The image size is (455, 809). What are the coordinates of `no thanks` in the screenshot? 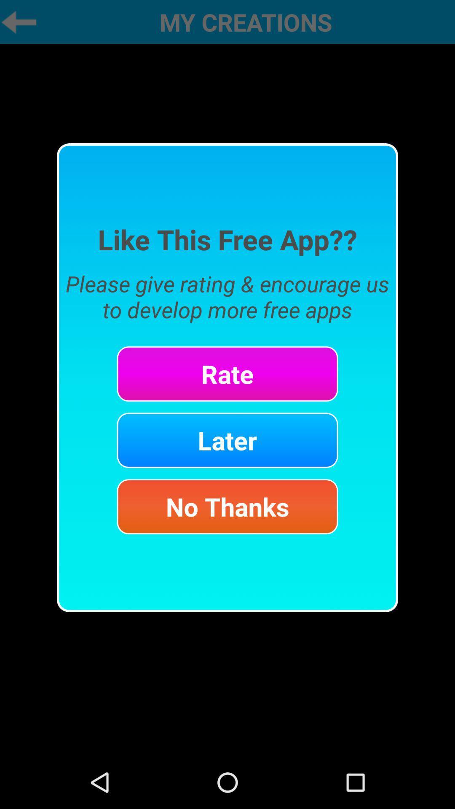 It's located at (227, 506).